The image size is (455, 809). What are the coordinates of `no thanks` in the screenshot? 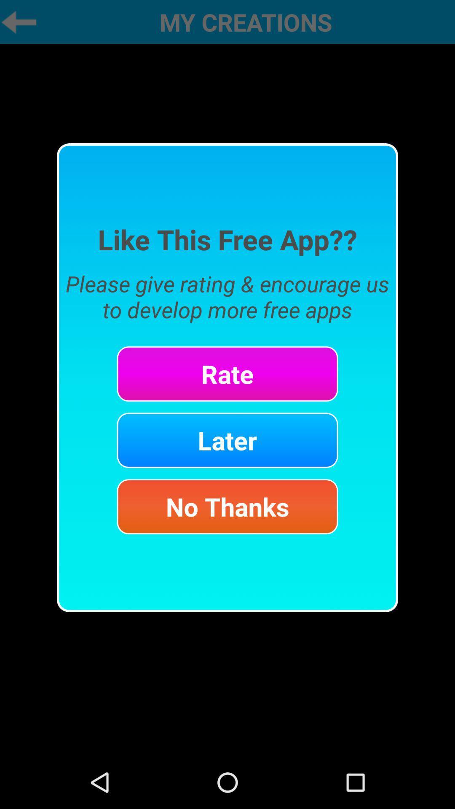 It's located at (227, 506).